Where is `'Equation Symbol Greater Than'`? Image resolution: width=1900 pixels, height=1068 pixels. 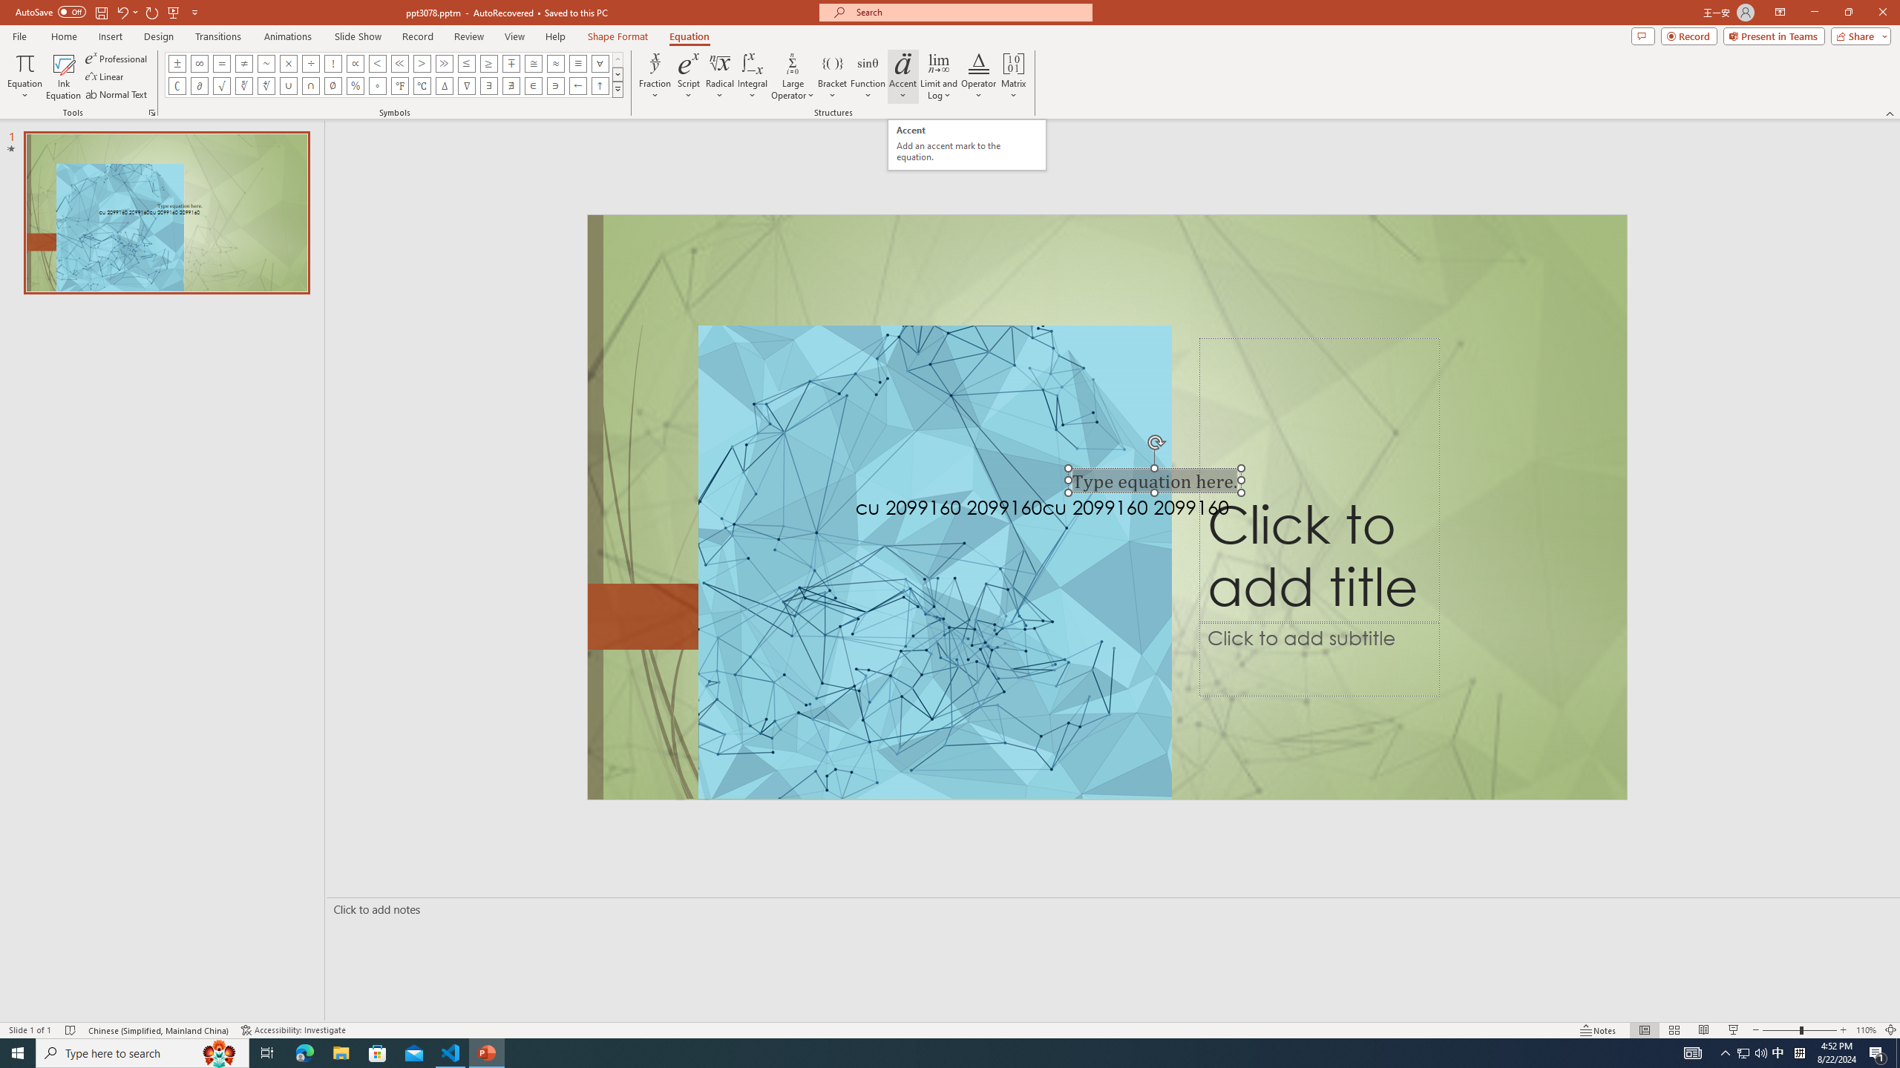 'Equation Symbol Greater Than' is located at coordinates (421, 62).